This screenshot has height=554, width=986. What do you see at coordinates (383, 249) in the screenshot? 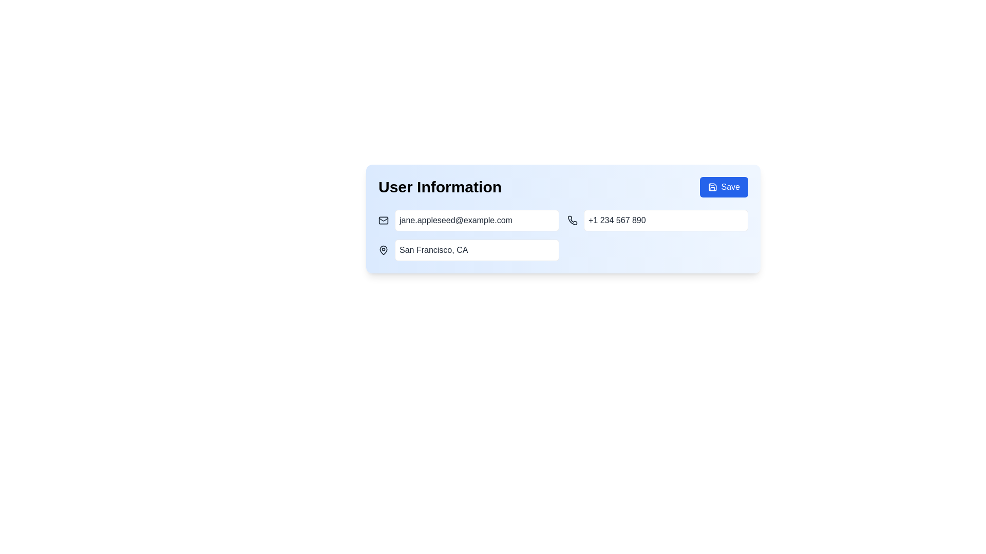
I see `the leftmost pin-like icon in the 'User Information' section, which is styled to appear as a map pin and is to the left of the 'San Francisco, CA' text input field` at bounding box center [383, 249].